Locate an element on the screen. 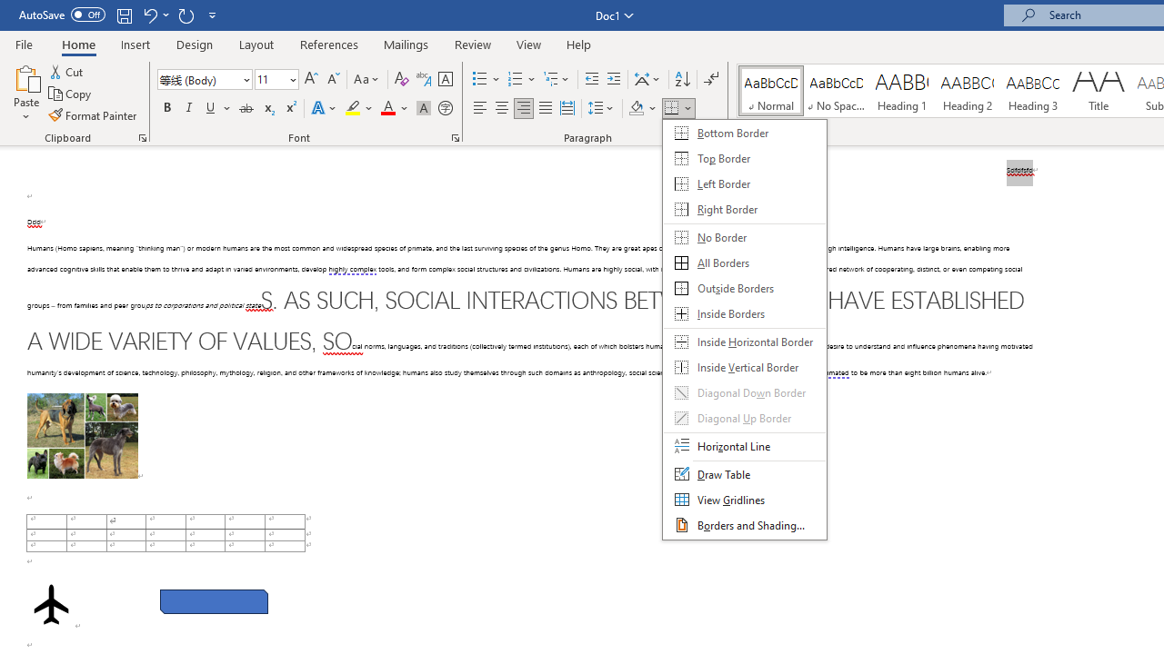 This screenshot has width=1164, height=654. 'Airplane with solid fill' is located at coordinates (51, 604).